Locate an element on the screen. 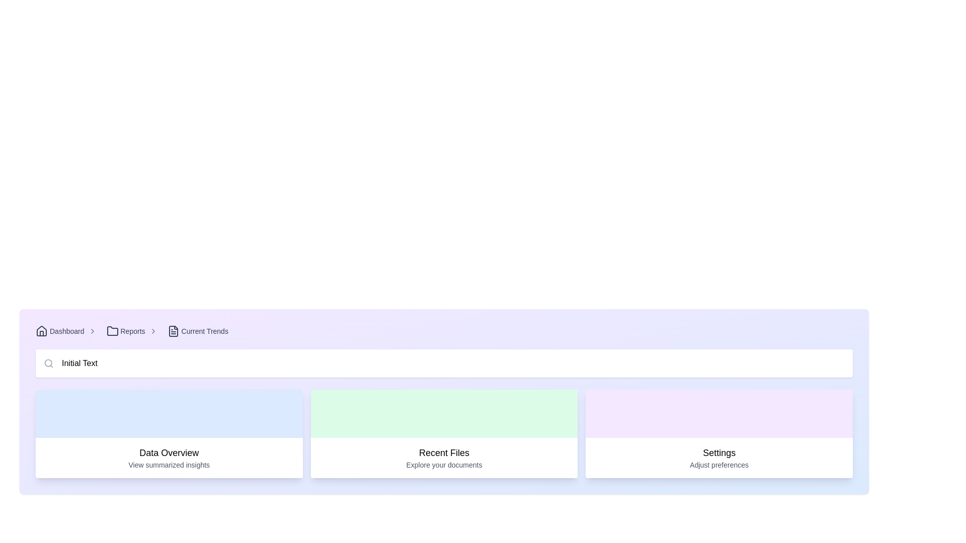 Image resolution: width=966 pixels, height=543 pixels. the hyperlink with an associated house icon is located at coordinates (59, 331).